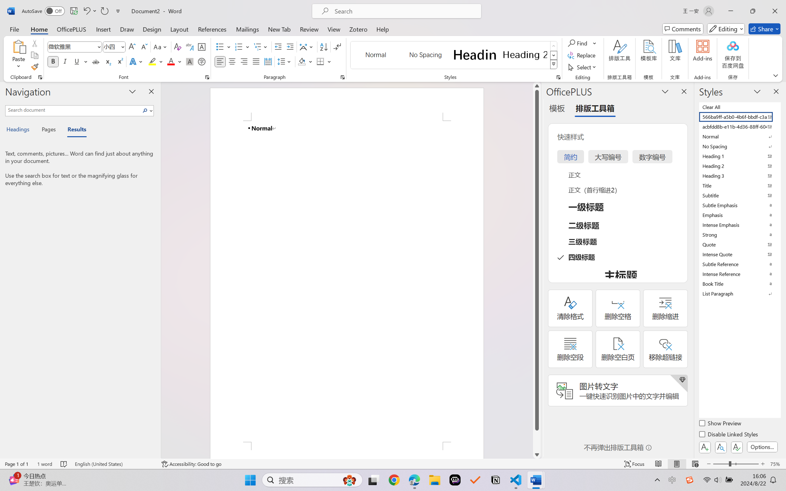 This screenshot has height=491, width=786. Describe the element at coordinates (683, 29) in the screenshot. I see `'Comments'` at that location.